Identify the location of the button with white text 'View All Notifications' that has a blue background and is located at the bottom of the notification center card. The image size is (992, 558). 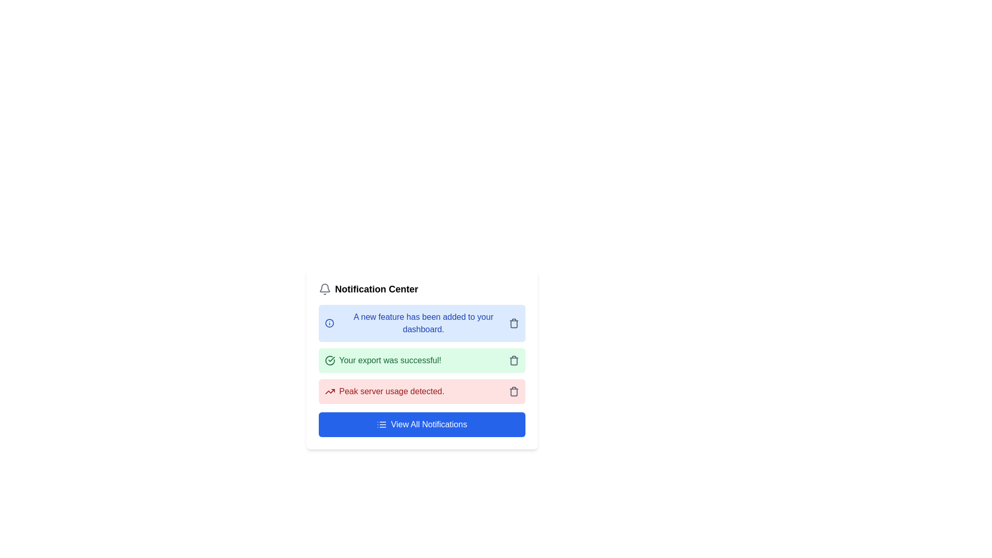
(422, 424).